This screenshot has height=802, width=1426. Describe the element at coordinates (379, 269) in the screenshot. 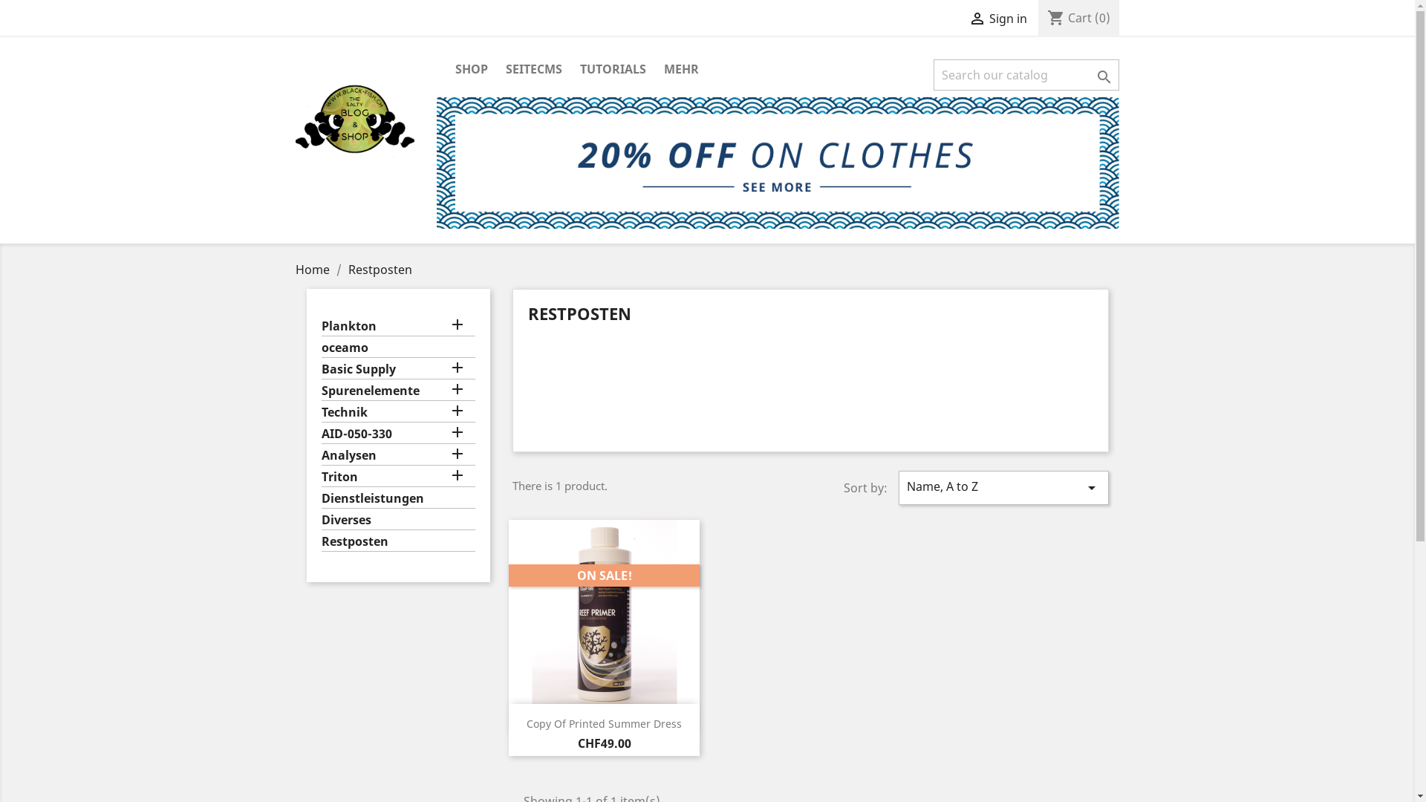

I see `'Restposten'` at that location.